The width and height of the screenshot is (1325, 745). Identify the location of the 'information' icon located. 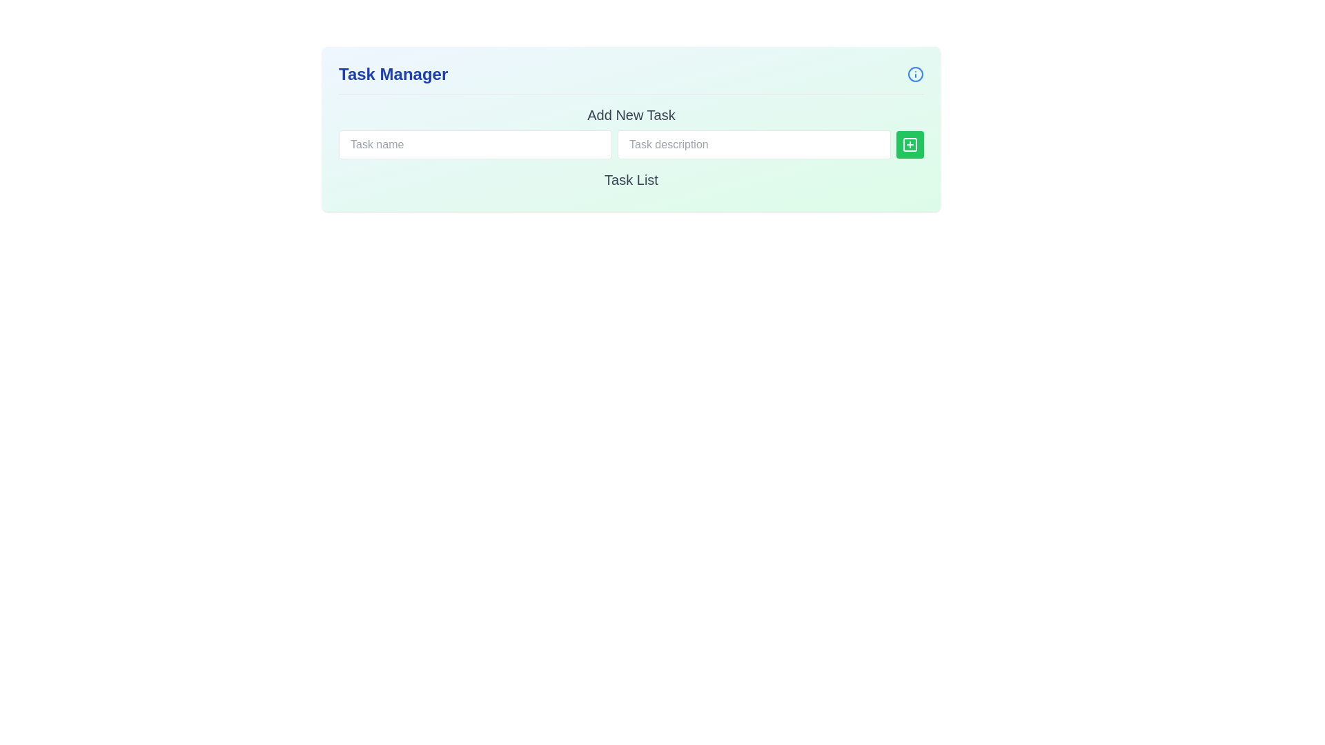
(915, 74).